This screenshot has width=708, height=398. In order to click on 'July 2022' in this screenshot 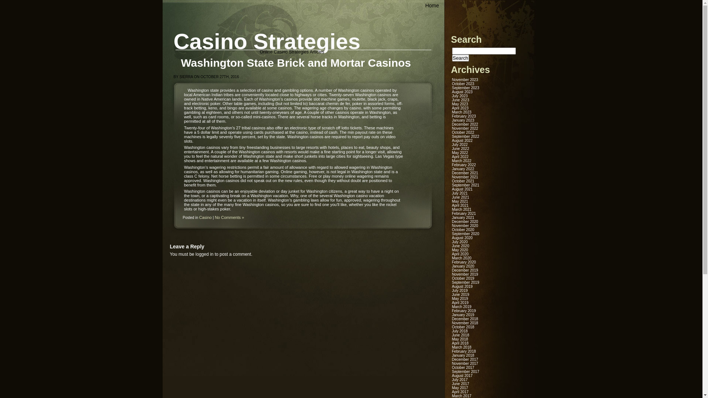, I will do `click(459, 144)`.